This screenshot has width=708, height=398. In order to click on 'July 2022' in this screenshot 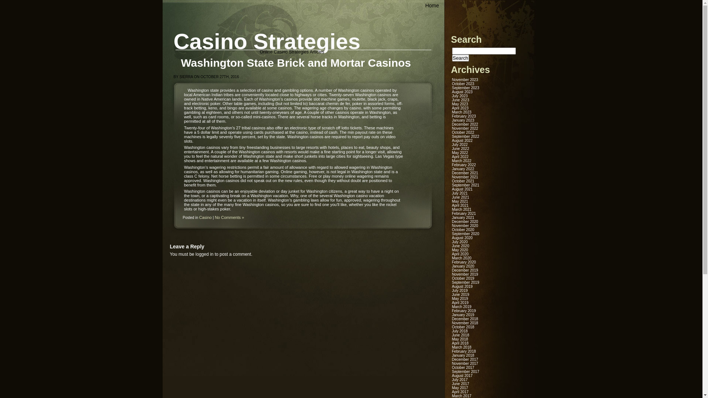, I will do `click(459, 144)`.